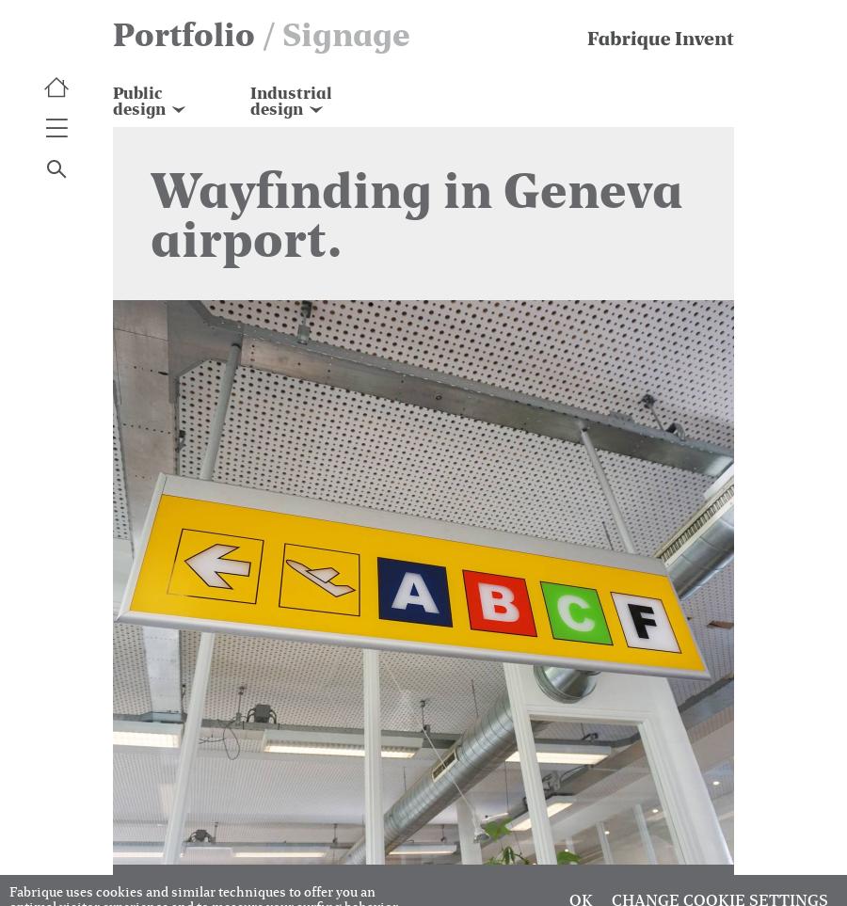  Describe the element at coordinates (280, 190) in the screenshot. I see `'Lighting'` at that location.